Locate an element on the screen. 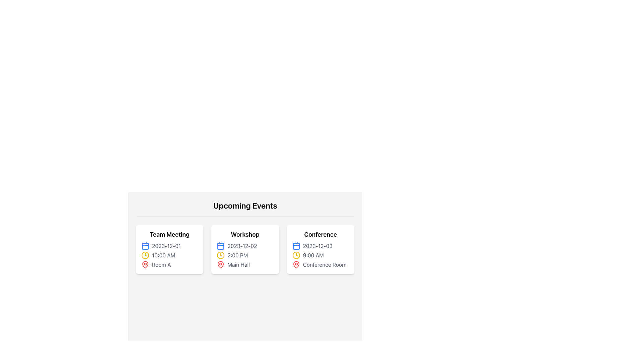 This screenshot has width=643, height=361. the red pin icon located to the left of the 'Main Hall' label within the 'Workshop' card in the 'Upcoming Events' section is located at coordinates (221, 264).